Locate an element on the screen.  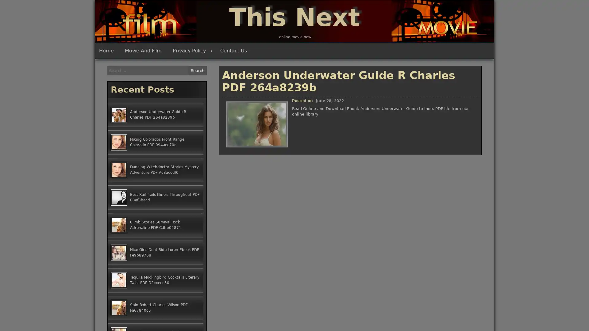
Search is located at coordinates (197, 70).